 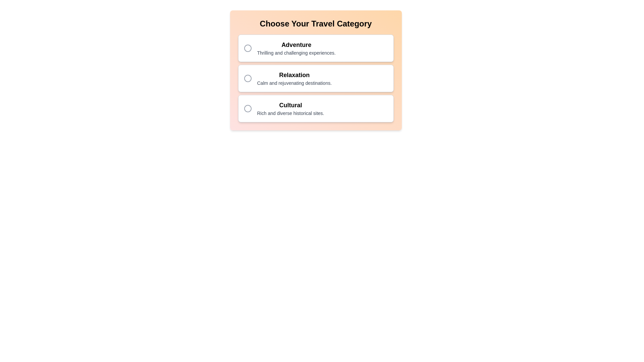 What do you see at coordinates (294, 82) in the screenshot?
I see `the label containing the text 'Calm and rejuvenating destinations.' located under the title 'Relaxation' in the second option group of the travel categories list` at bounding box center [294, 82].